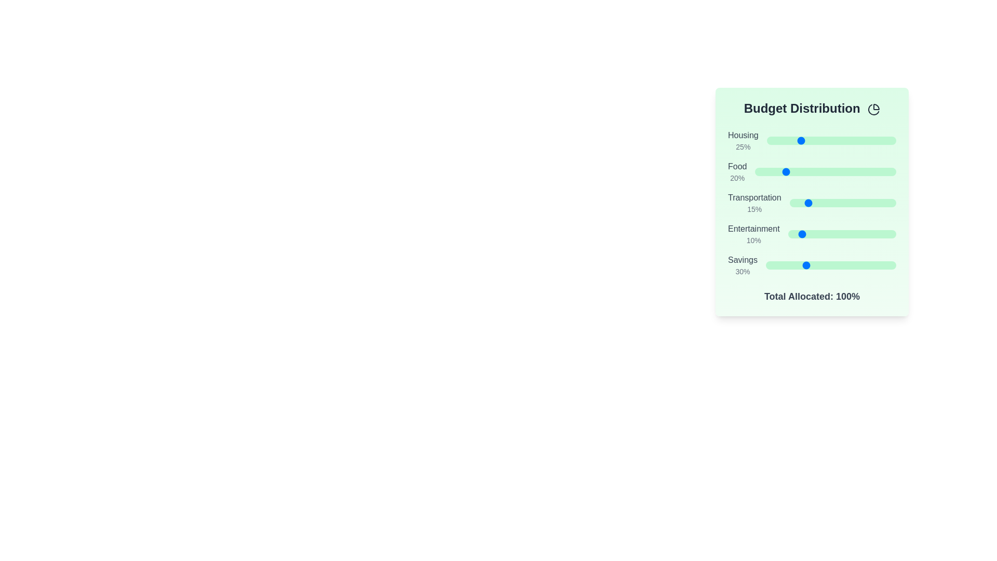 Image resolution: width=997 pixels, height=561 pixels. Describe the element at coordinates (877, 234) in the screenshot. I see `the slider for 'Entertainment' to set its percentage to 83` at that location.